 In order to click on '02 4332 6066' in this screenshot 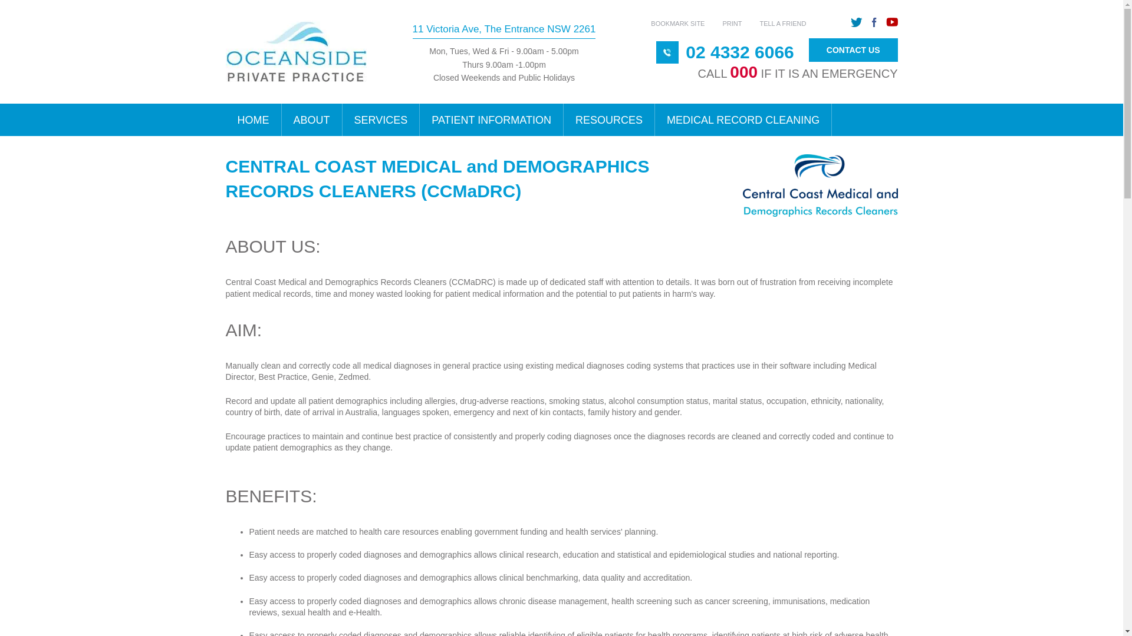, I will do `click(739, 51)`.